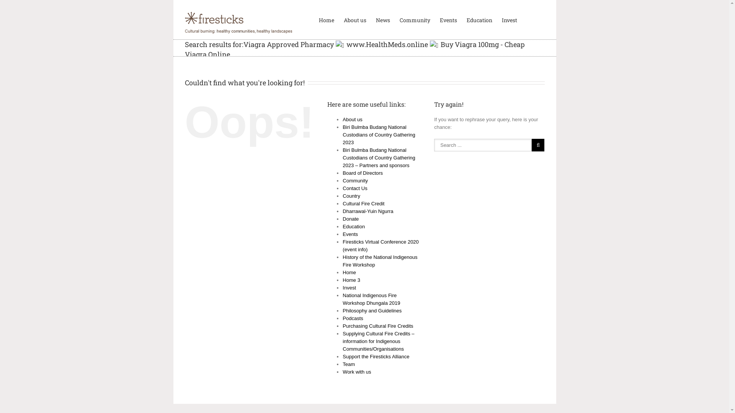 The image size is (735, 413). I want to click on 'News', so click(383, 19).